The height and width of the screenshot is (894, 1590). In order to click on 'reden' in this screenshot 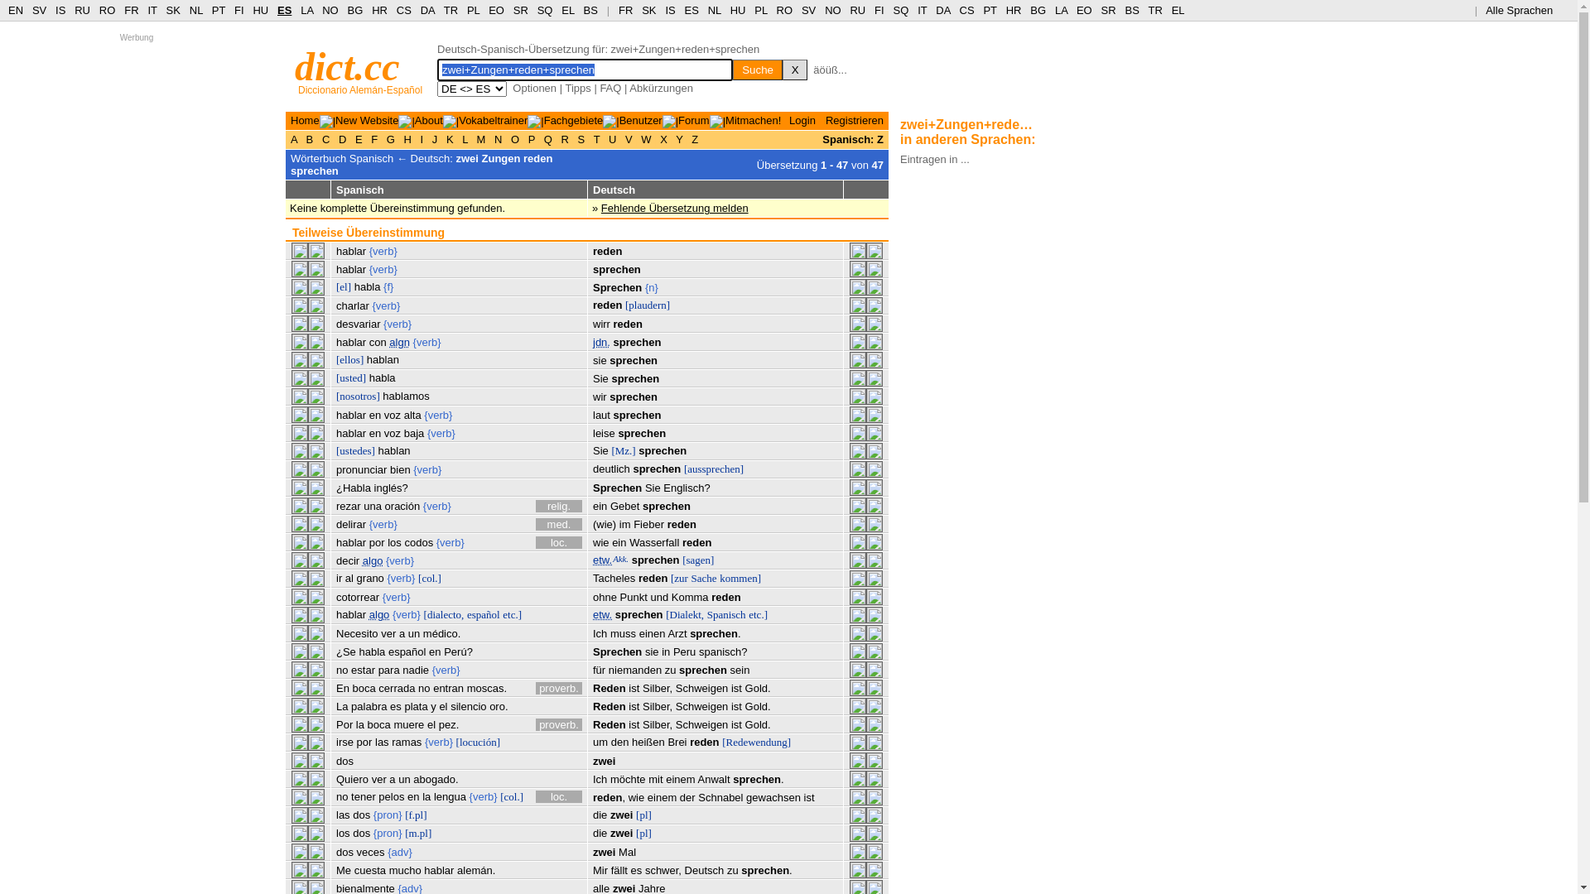, I will do `click(725, 597)`.